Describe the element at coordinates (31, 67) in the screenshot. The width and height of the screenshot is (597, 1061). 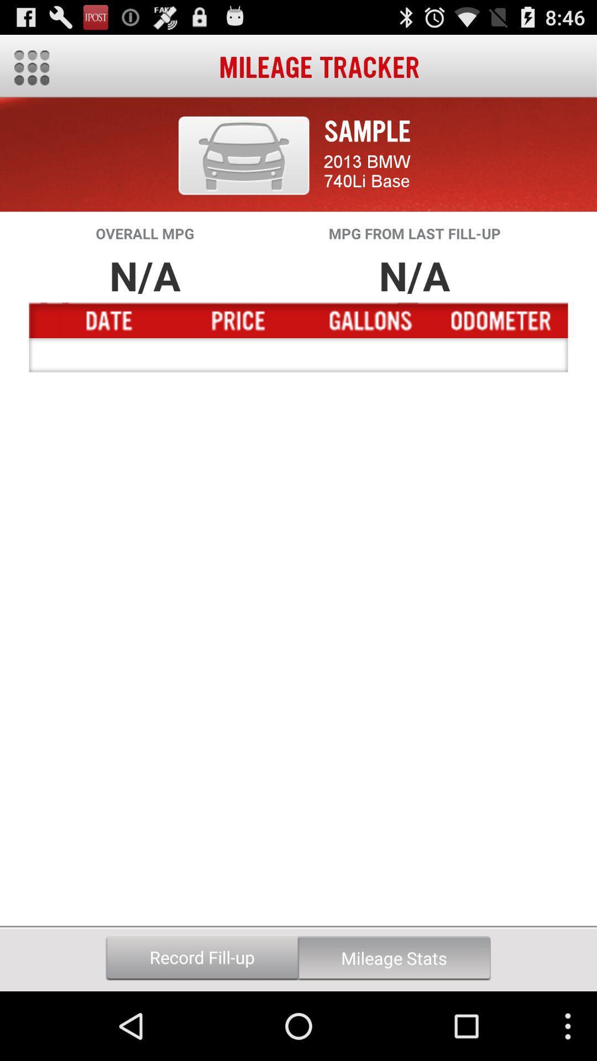
I see `menu grid` at that location.